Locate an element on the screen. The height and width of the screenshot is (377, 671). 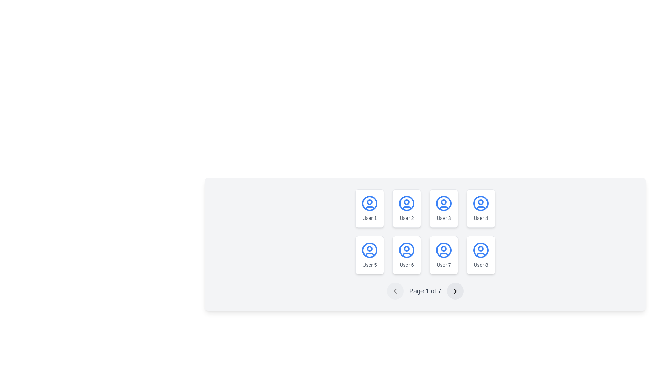
the user icon representing 'User 2' located in the second card of the grid structure is located at coordinates (406, 203).